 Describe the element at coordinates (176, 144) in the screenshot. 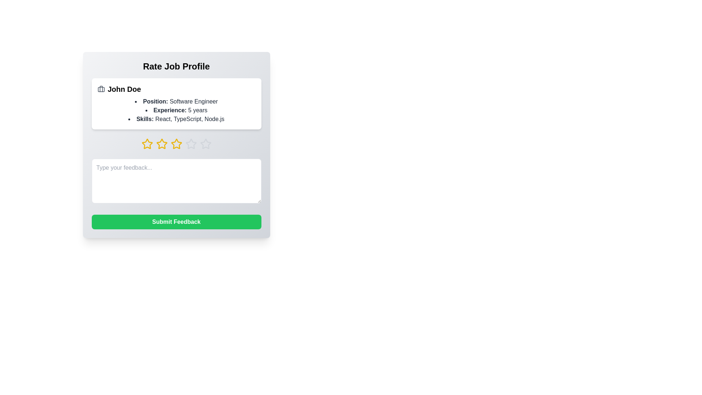

I see `the highlighted third star in the rating system under the 'Rate Job Profile' section` at that location.